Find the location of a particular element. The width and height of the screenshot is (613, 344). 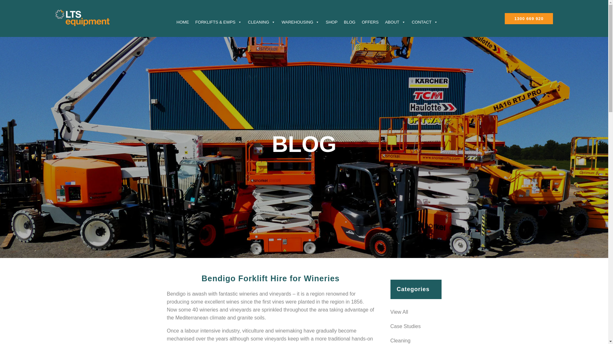

'View All' is located at coordinates (415, 312).